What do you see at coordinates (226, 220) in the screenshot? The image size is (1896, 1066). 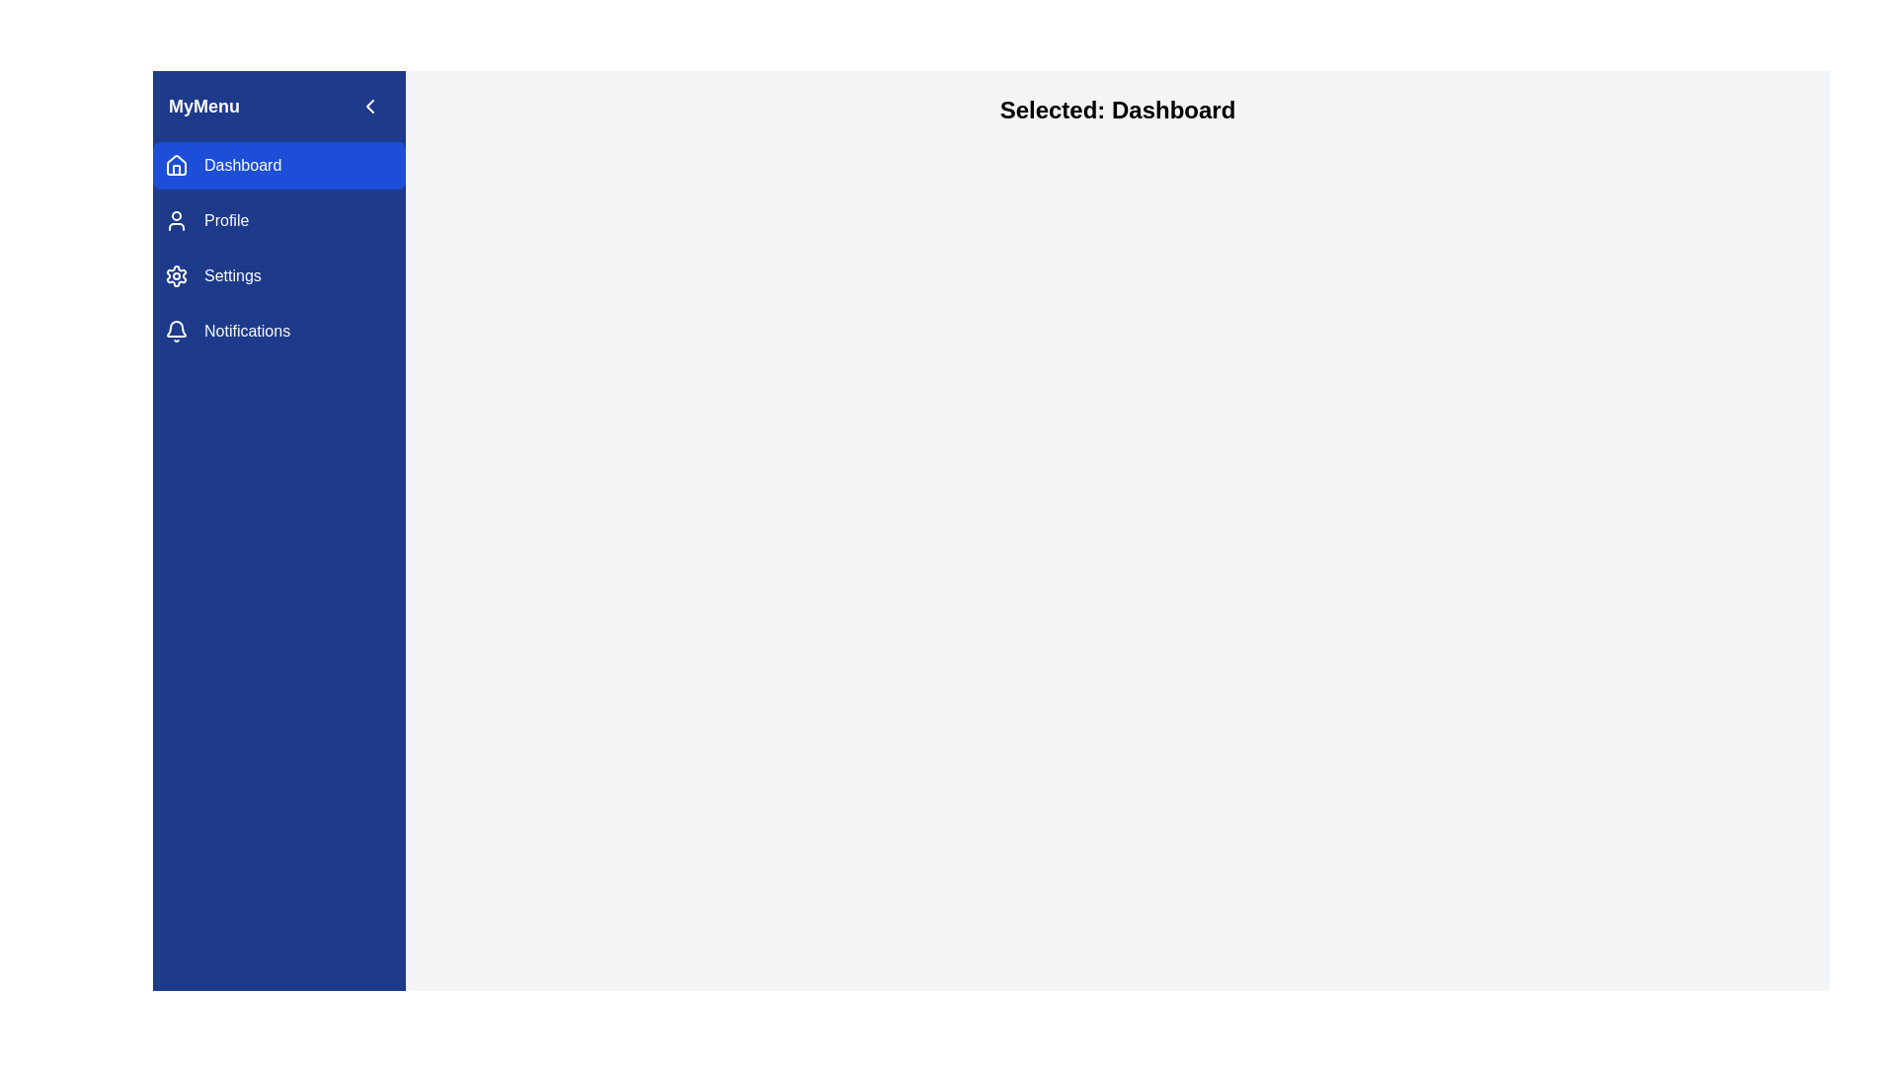 I see `the 'Profile' menu item, which is styled in white text against a blue background and positioned in the second slot of the vertical sidebar menu` at bounding box center [226, 220].